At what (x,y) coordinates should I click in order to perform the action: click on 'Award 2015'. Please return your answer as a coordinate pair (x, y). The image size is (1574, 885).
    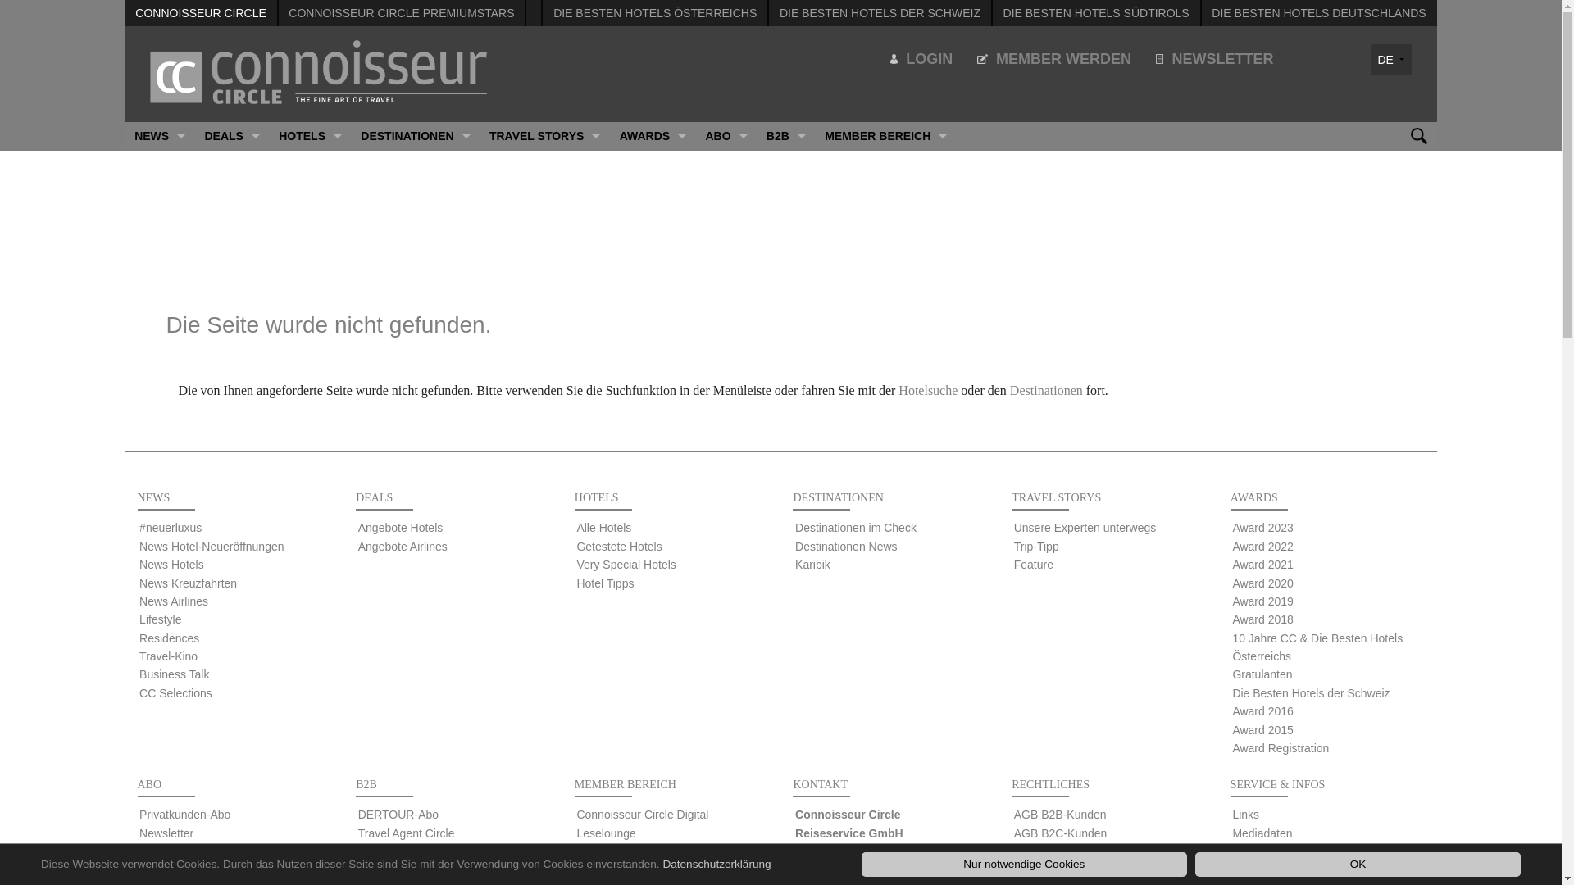
    Looking at the image, I should click on (1231, 729).